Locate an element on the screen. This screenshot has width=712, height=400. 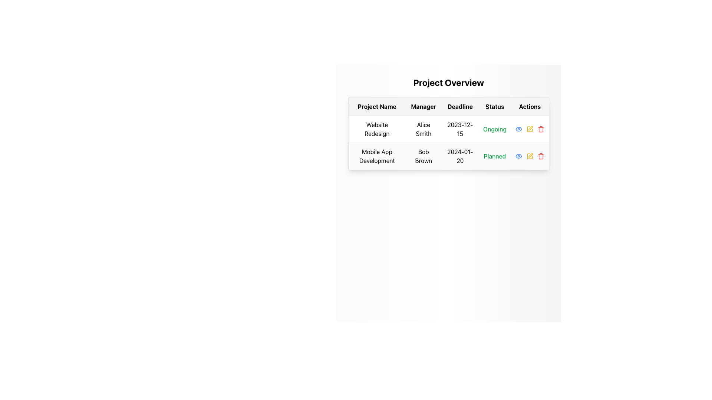
the pen icon button in the Actions column for the 'Website Redesign' project, located between the 'View' and 'Delete' icons is located at coordinates (530, 155).